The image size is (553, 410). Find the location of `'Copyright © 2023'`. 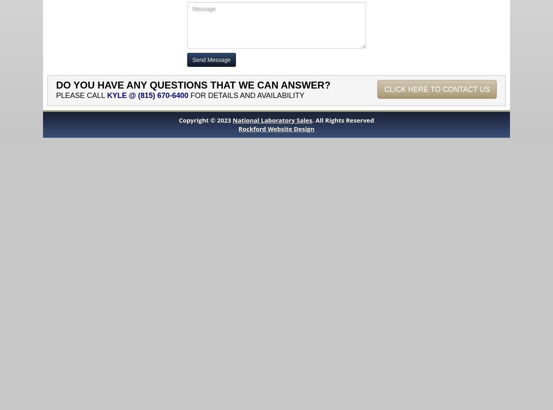

'Copyright © 2023' is located at coordinates (179, 120).